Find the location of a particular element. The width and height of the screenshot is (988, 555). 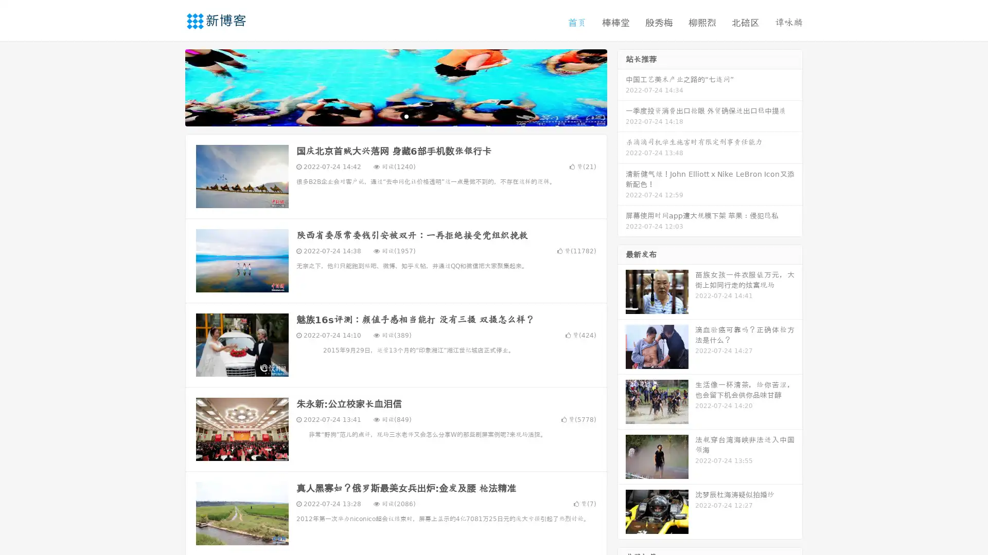

Go to slide 3 is located at coordinates (406, 116).